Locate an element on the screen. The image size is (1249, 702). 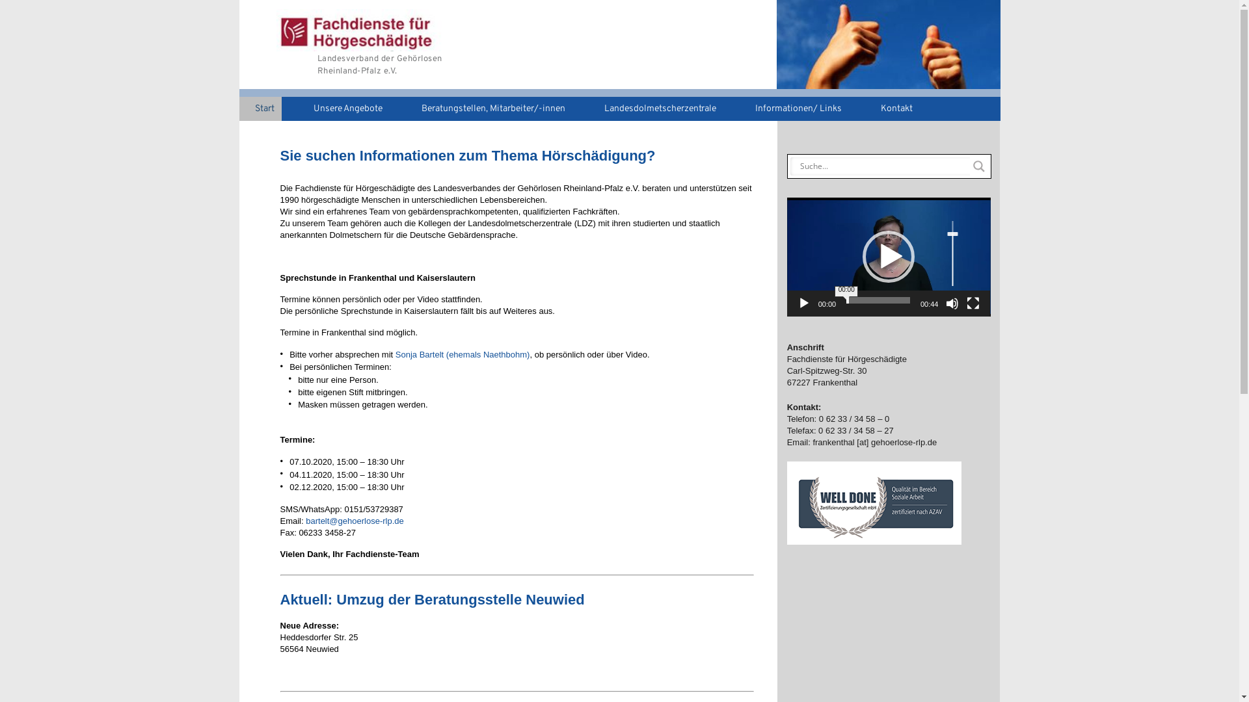
'Sonja Bartelt (ehemals Naethbohm)' is located at coordinates (395, 354).